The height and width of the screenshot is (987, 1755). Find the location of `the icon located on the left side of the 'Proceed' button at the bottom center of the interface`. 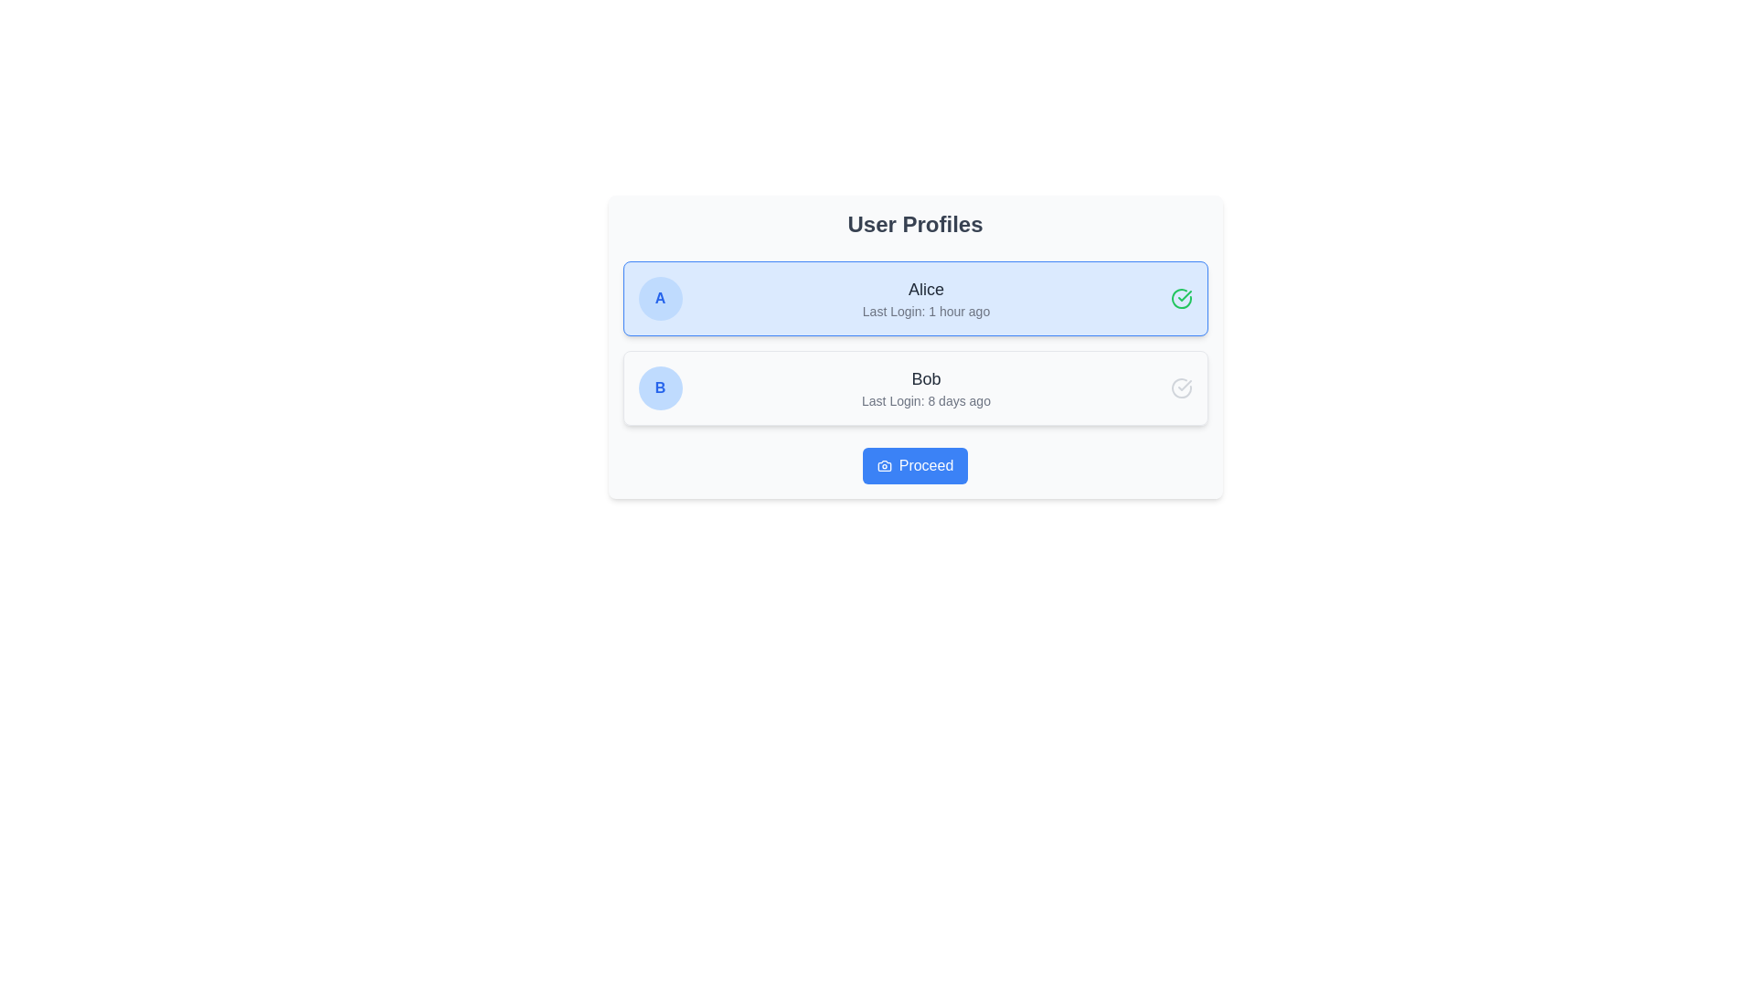

the icon located on the left side of the 'Proceed' button at the bottom center of the interface is located at coordinates (884, 464).